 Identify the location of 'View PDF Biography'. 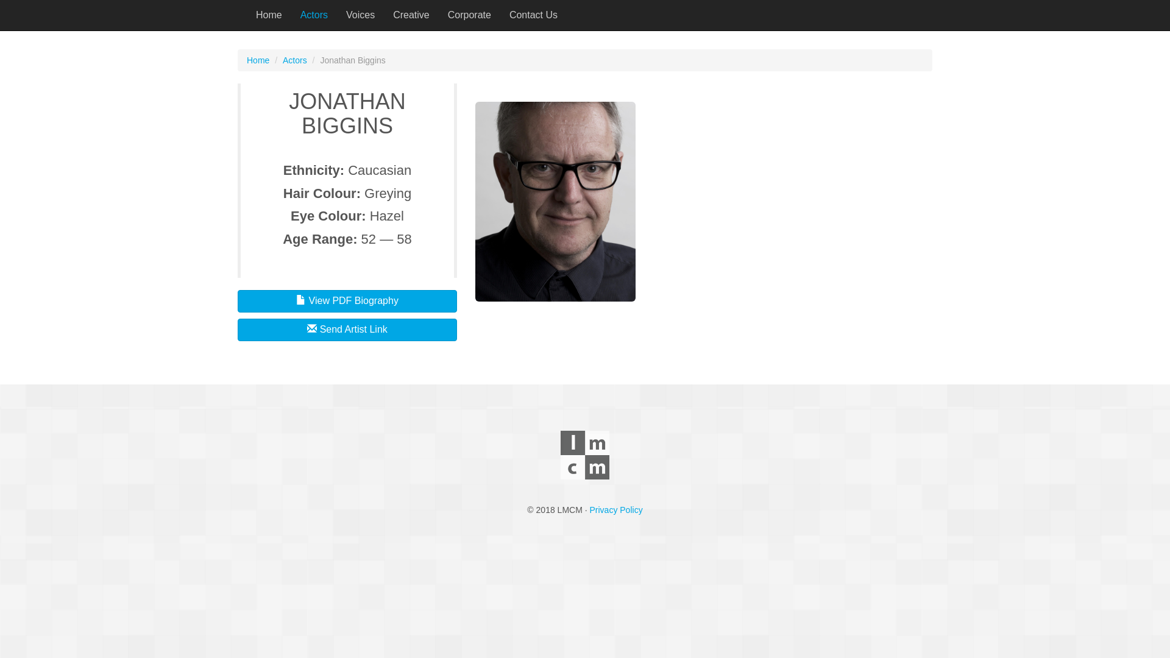
(347, 301).